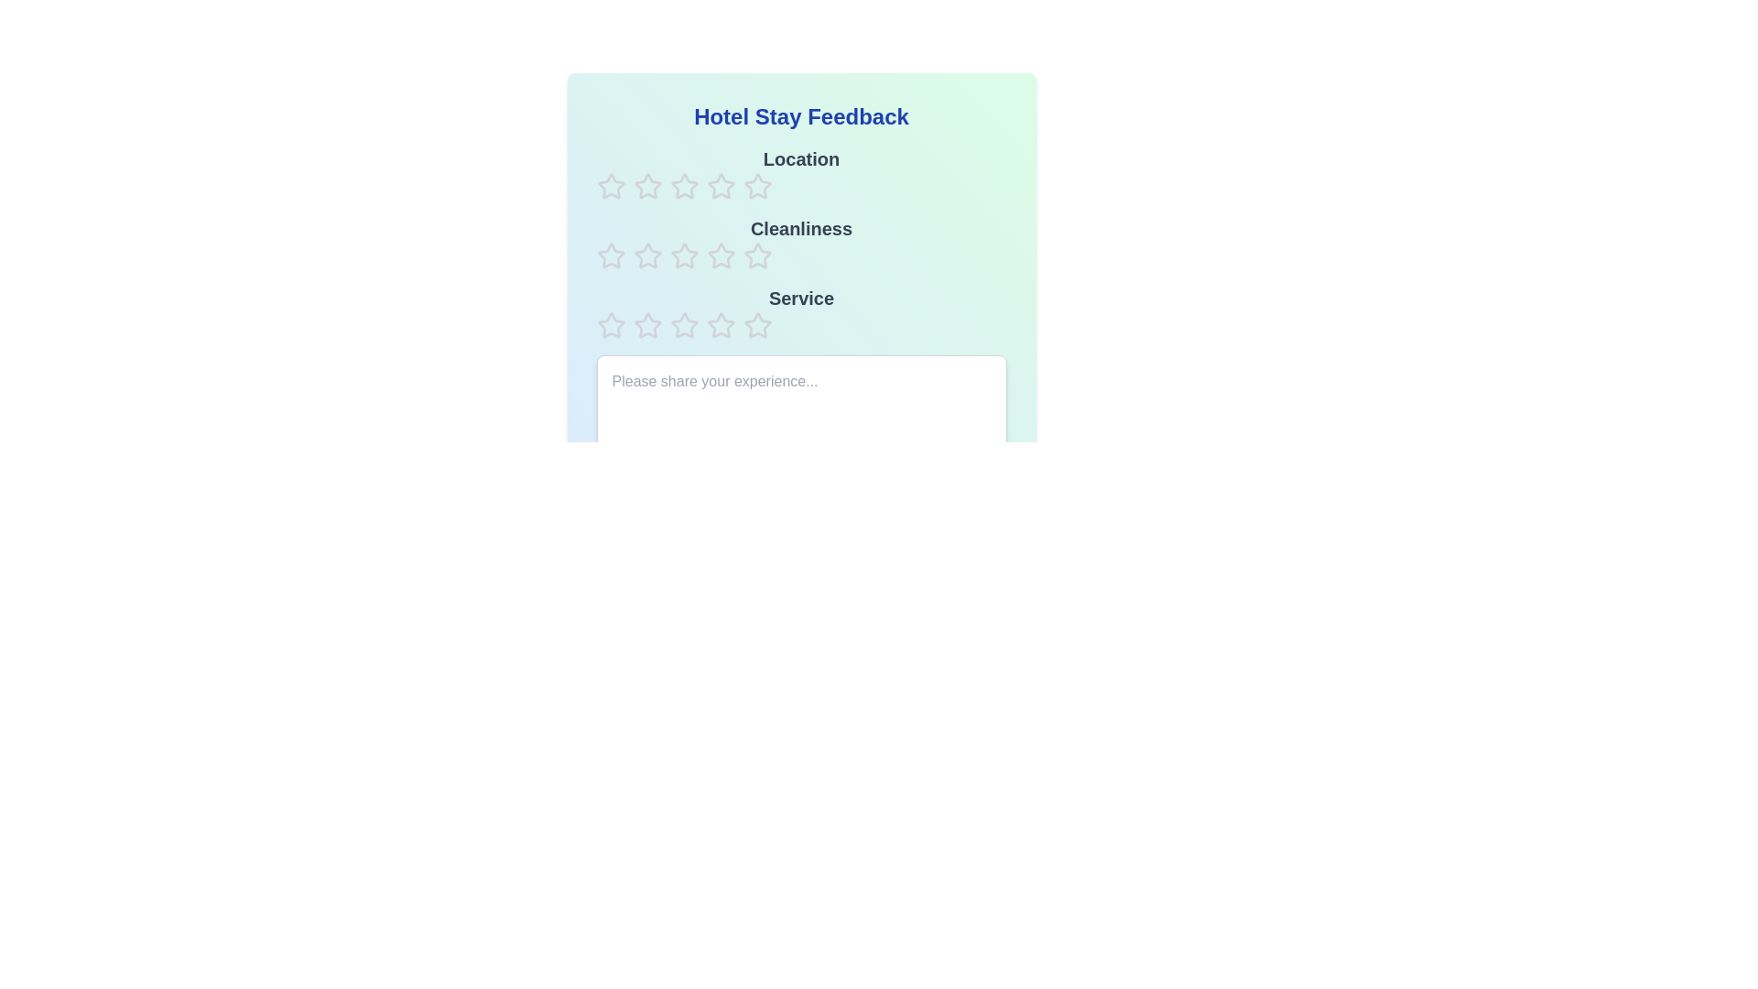 This screenshot has height=989, width=1758. I want to click on the cleanliness rating stars located in the center column of the feedback form card, positioned between the 'Location' and 'Service' rating sections, so click(801, 243).